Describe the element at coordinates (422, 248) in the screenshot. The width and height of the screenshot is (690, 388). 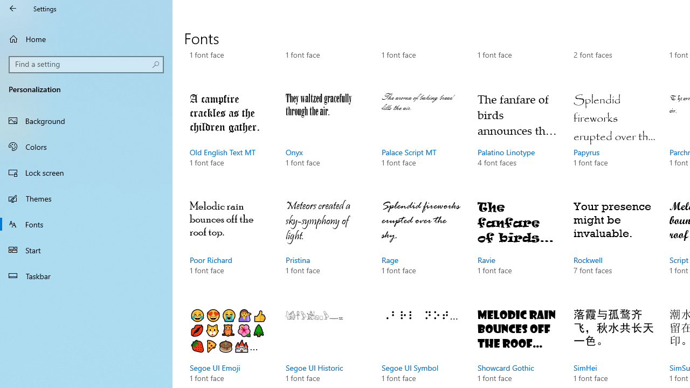
I see `'Rage, 1 font face'` at that location.